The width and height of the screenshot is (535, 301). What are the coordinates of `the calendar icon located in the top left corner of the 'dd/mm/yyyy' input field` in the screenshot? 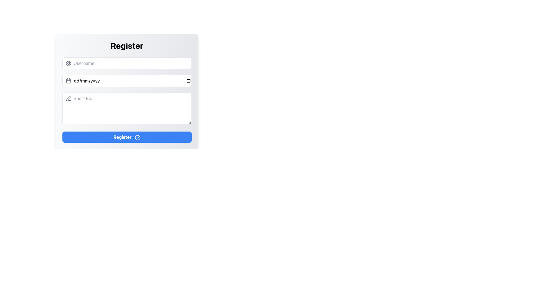 It's located at (68, 81).